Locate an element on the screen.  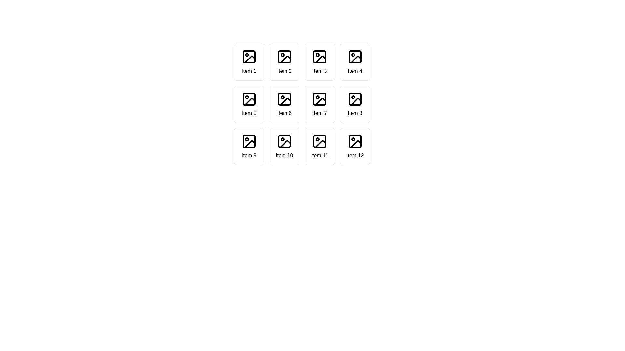
the Image Icon located in the first item of a 4x3 grid layout, which is positioned above the text label 'Item 1' is located at coordinates (249, 56).